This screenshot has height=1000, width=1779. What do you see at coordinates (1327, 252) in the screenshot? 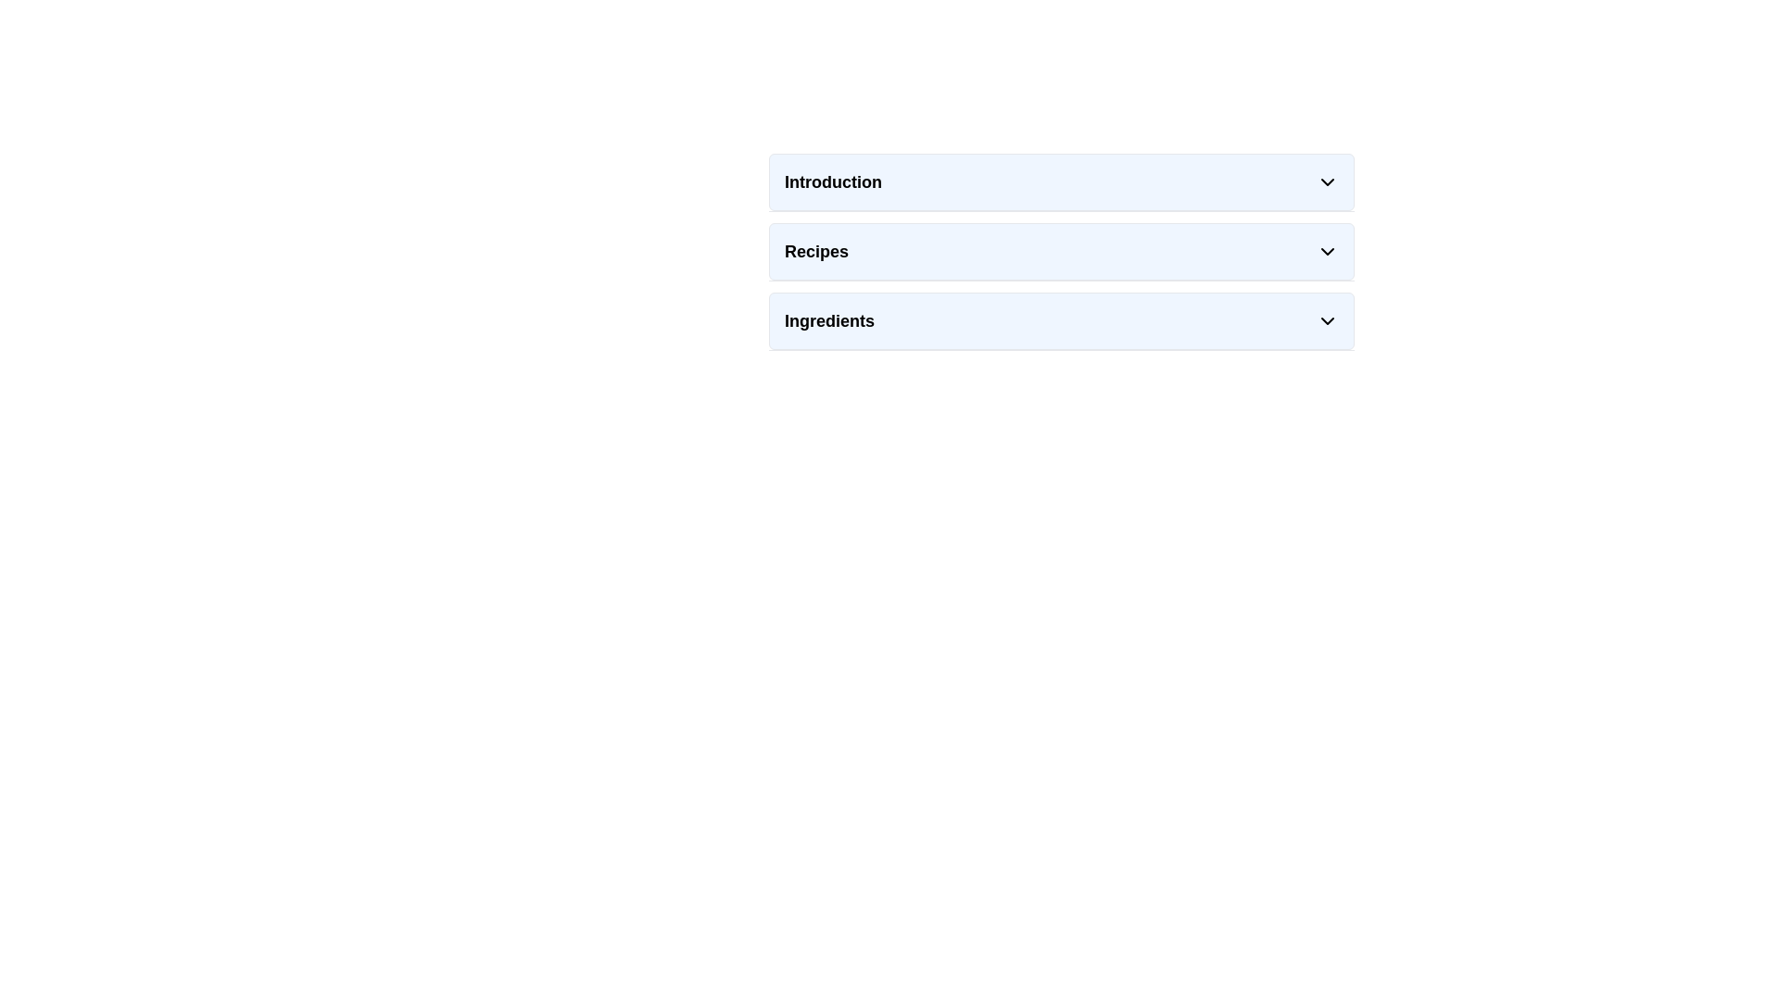
I see `the downward-pointing chevron icon with a thin, rounded black stroke, located at the far right end inside the 'Recipes' button to trigger a tooltip` at bounding box center [1327, 252].